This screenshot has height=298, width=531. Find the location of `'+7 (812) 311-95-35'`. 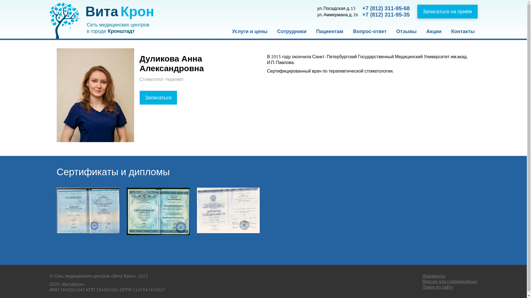

'+7 (812) 311-95-35' is located at coordinates (386, 14).